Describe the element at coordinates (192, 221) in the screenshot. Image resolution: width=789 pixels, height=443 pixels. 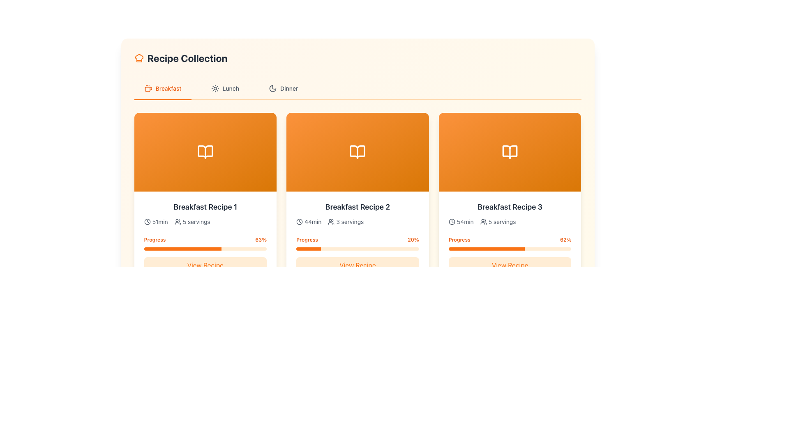
I see `the informational label indicating the number of servings for the associated recipe in the 'Breakfast Recipe 1' section` at that location.